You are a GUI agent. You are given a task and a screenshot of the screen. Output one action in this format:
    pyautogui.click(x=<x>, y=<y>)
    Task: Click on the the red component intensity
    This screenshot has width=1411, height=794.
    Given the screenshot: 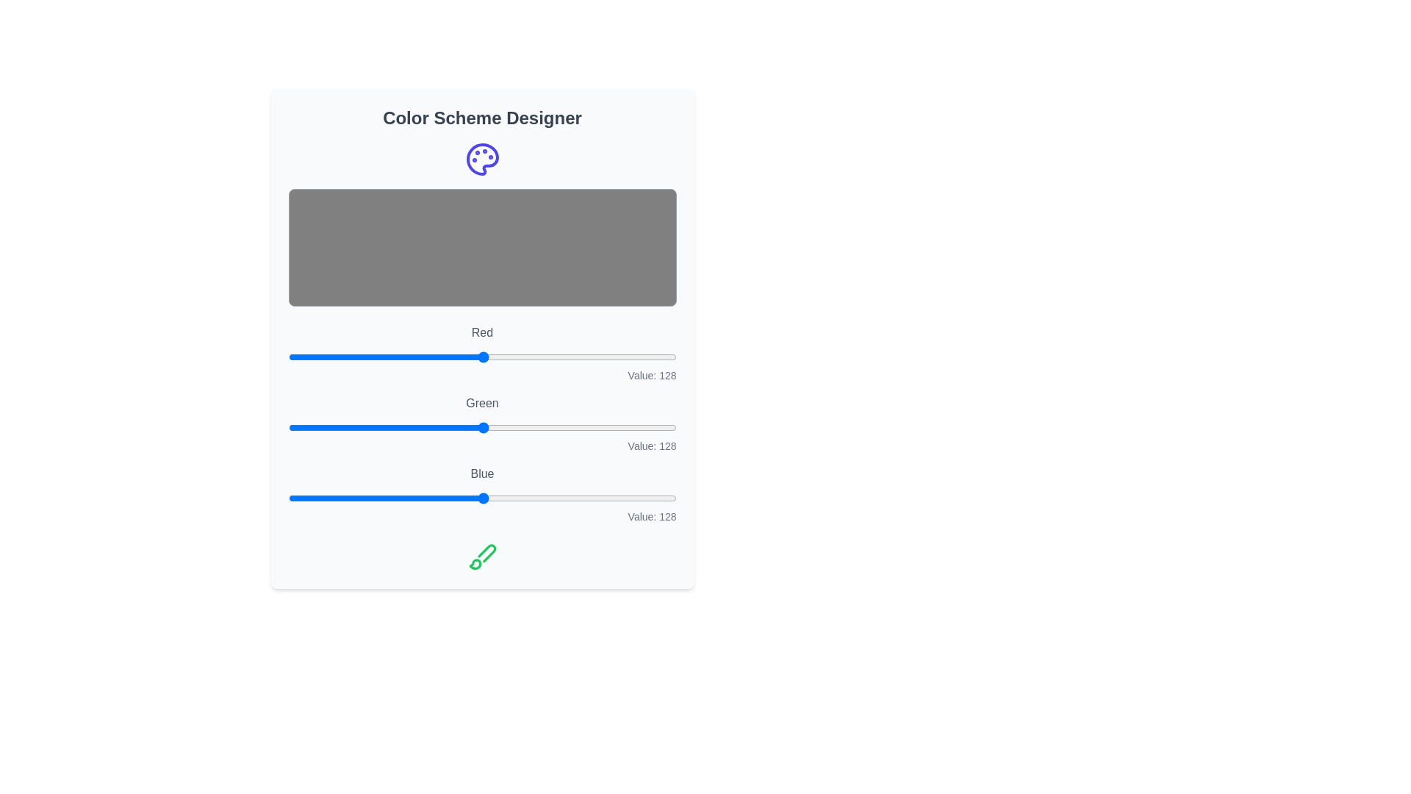 What is the action you would take?
    pyautogui.click(x=528, y=357)
    